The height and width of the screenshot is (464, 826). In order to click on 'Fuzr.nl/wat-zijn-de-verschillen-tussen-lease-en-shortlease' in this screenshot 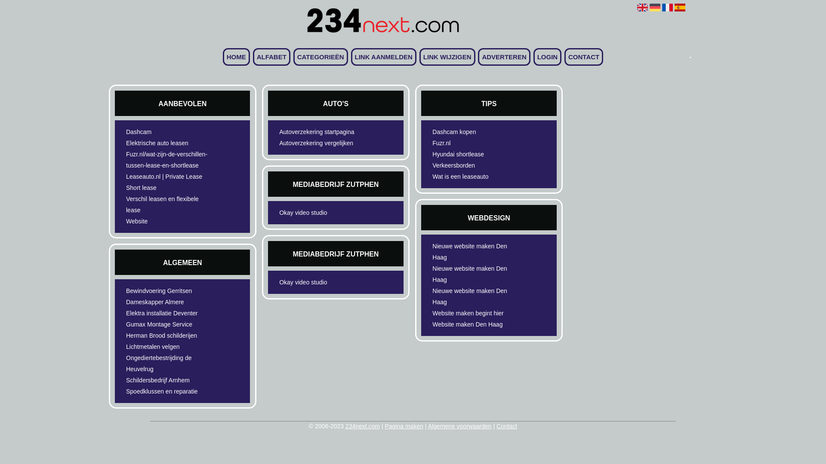, I will do `click(167, 159)`.